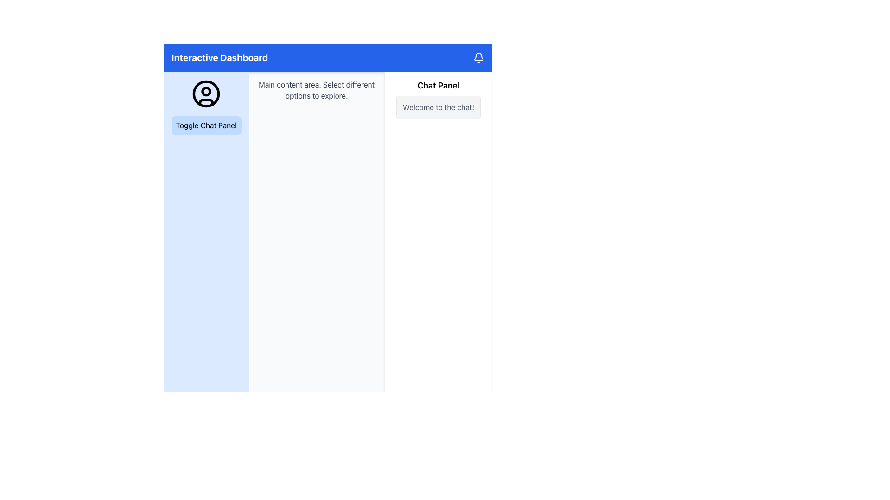  What do you see at coordinates (317, 90) in the screenshot?
I see `instructional static text located in the main content area, positioned near the top and horizontally centered between the left panel and right chat panel` at bounding box center [317, 90].